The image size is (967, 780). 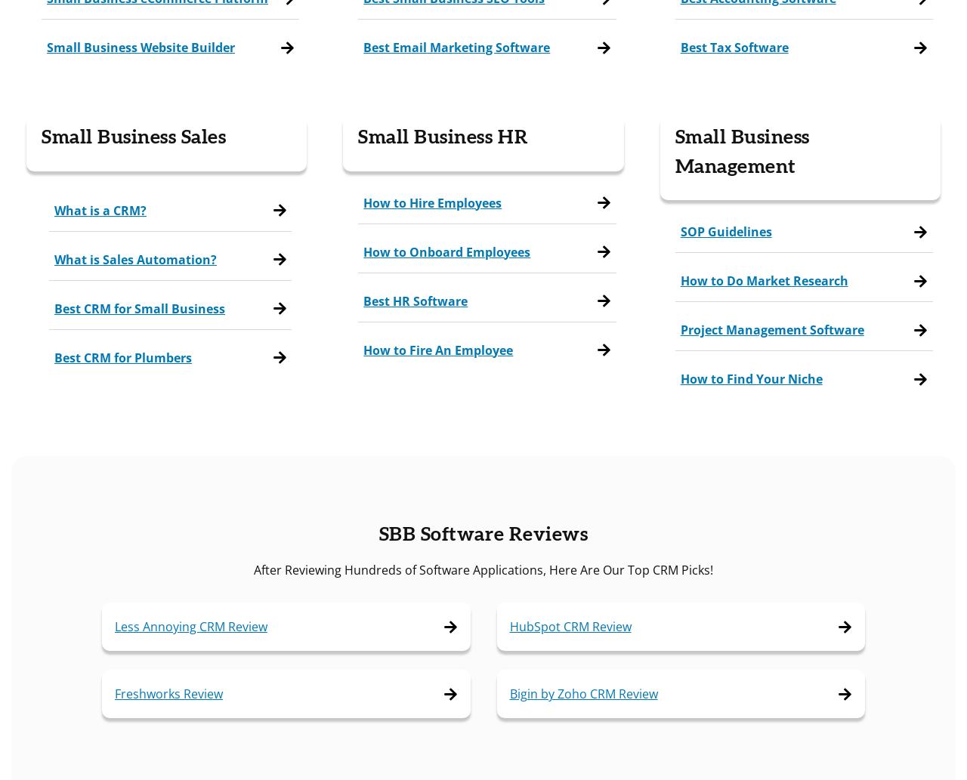 I want to click on 'How to Fire An Employee', so click(x=437, y=349).